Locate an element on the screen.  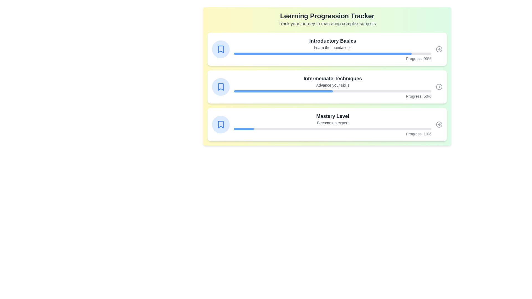
the icon element representing mastery level, which is the leftmost component inside the 'Mastery Level' card at the bottom of the progress cards list is located at coordinates (220, 125).